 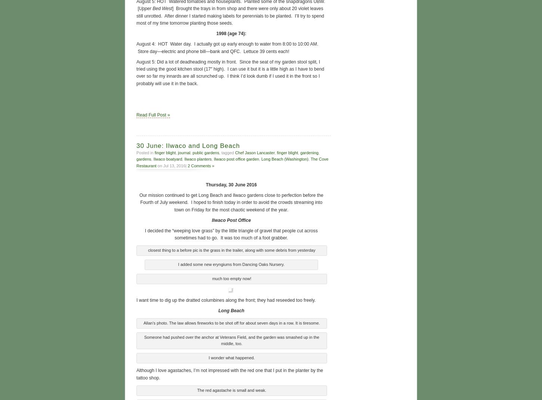 What do you see at coordinates (231, 219) in the screenshot?
I see `'Ilwaco Post Office'` at bounding box center [231, 219].